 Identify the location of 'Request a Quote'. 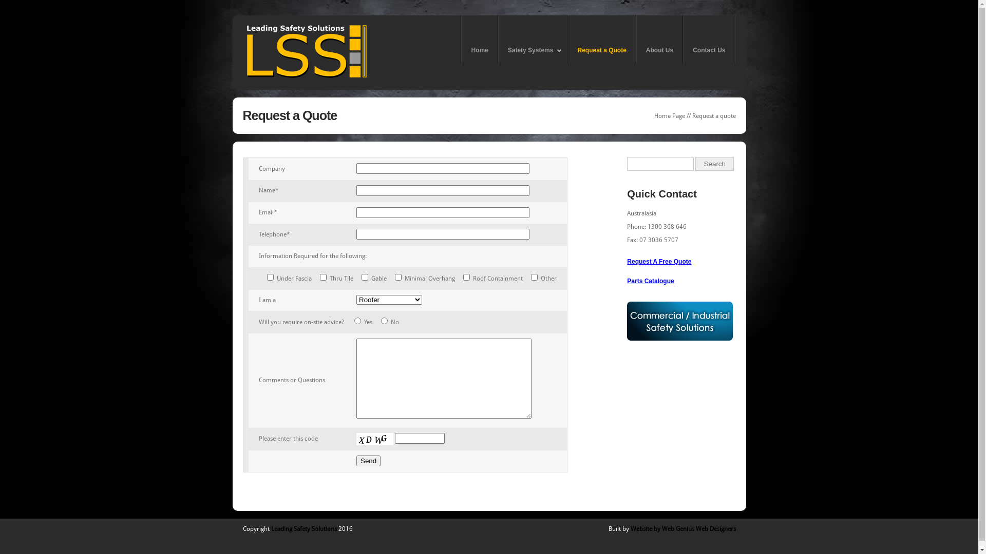
(601, 38).